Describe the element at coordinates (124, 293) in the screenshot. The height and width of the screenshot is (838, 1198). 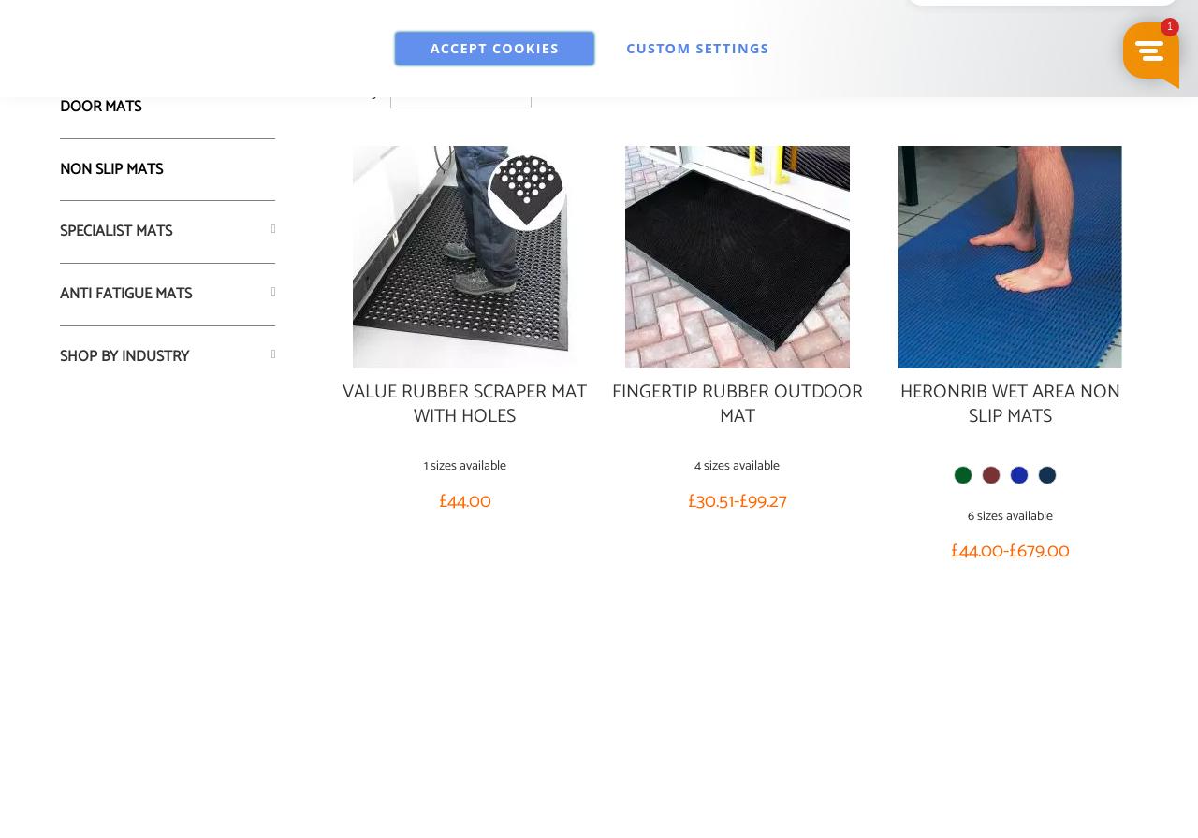
I see `'Anti Fatigue Mats'` at that location.